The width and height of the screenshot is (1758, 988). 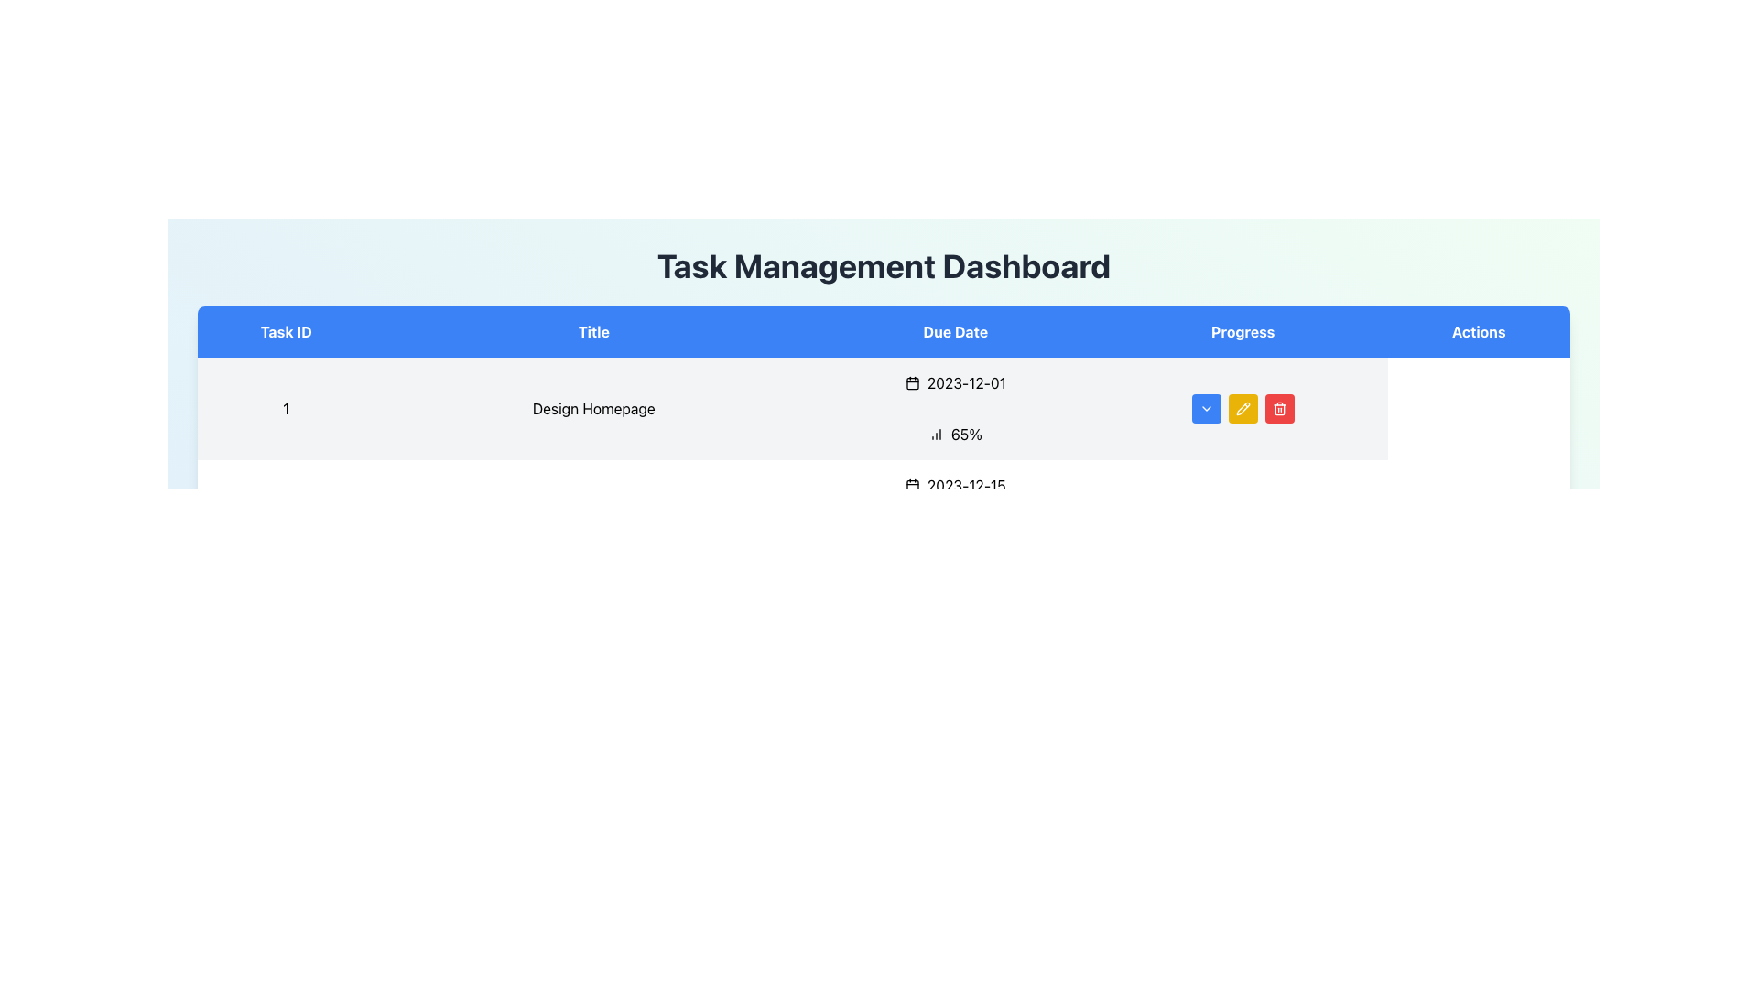 What do you see at coordinates (285, 408) in the screenshot?
I see `the numeral '1' located in the first row under the 'Task ID' column of the tabular layout` at bounding box center [285, 408].